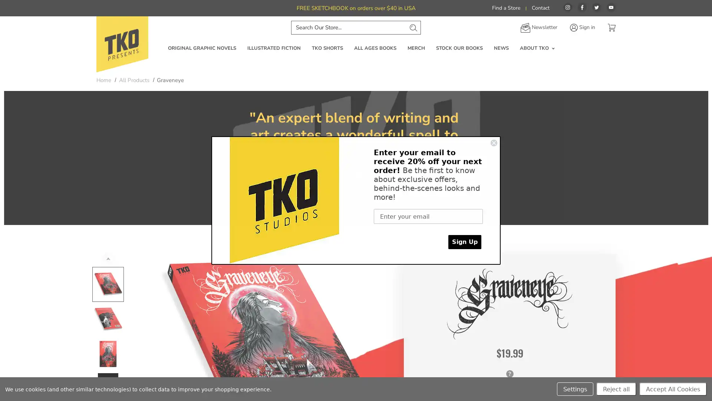  What do you see at coordinates (574, 389) in the screenshot?
I see `Settings` at bounding box center [574, 389].